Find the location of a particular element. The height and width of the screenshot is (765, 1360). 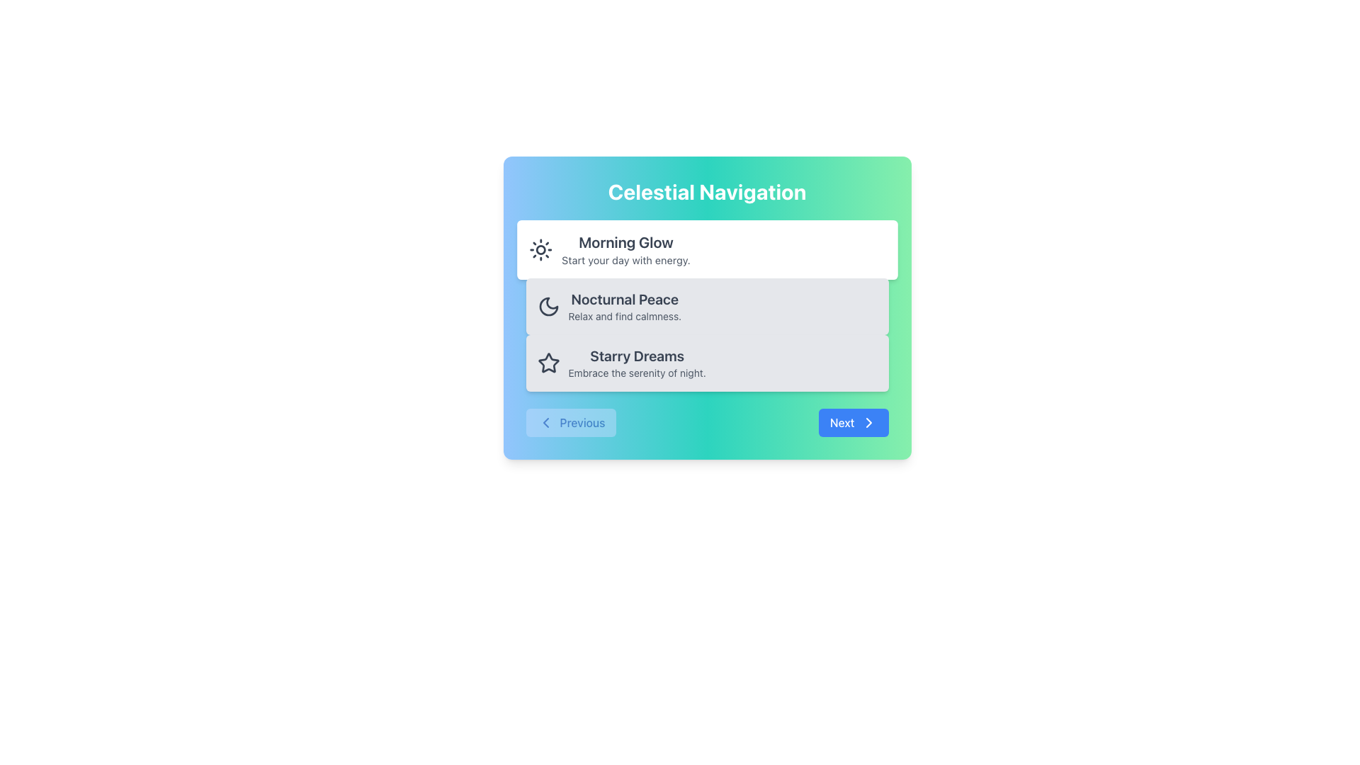

the star-shaped icon with a thin dark gray outline located in the top-left part of the 'Starry Dreams' card, adjacent to the text is located at coordinates (548, 363).